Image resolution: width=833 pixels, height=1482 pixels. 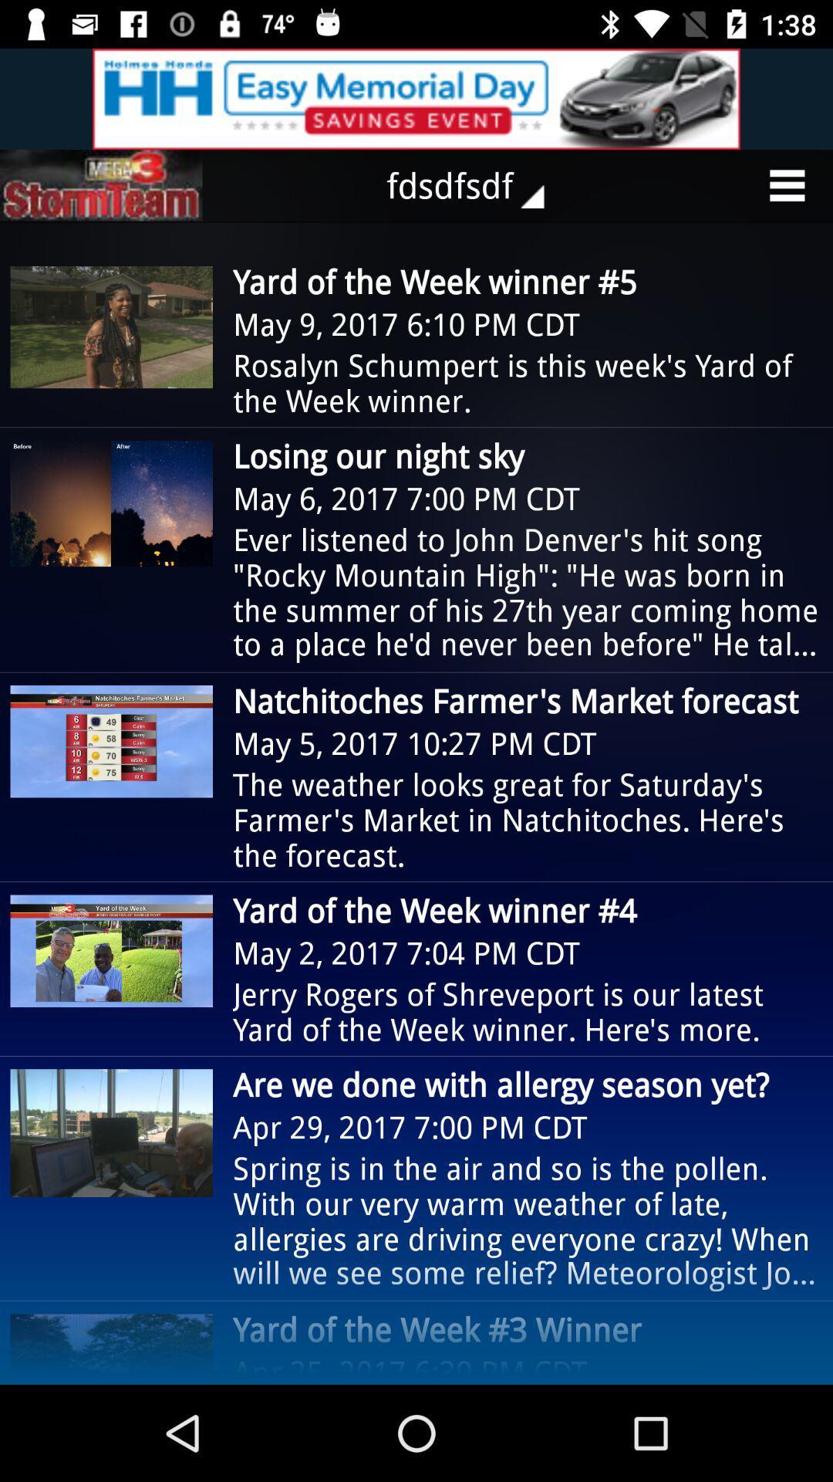 What do you see at coordinates (475, 185) in the screenshot?
I see `the fdsdfsdf icon` at bounding box center [475, 185].